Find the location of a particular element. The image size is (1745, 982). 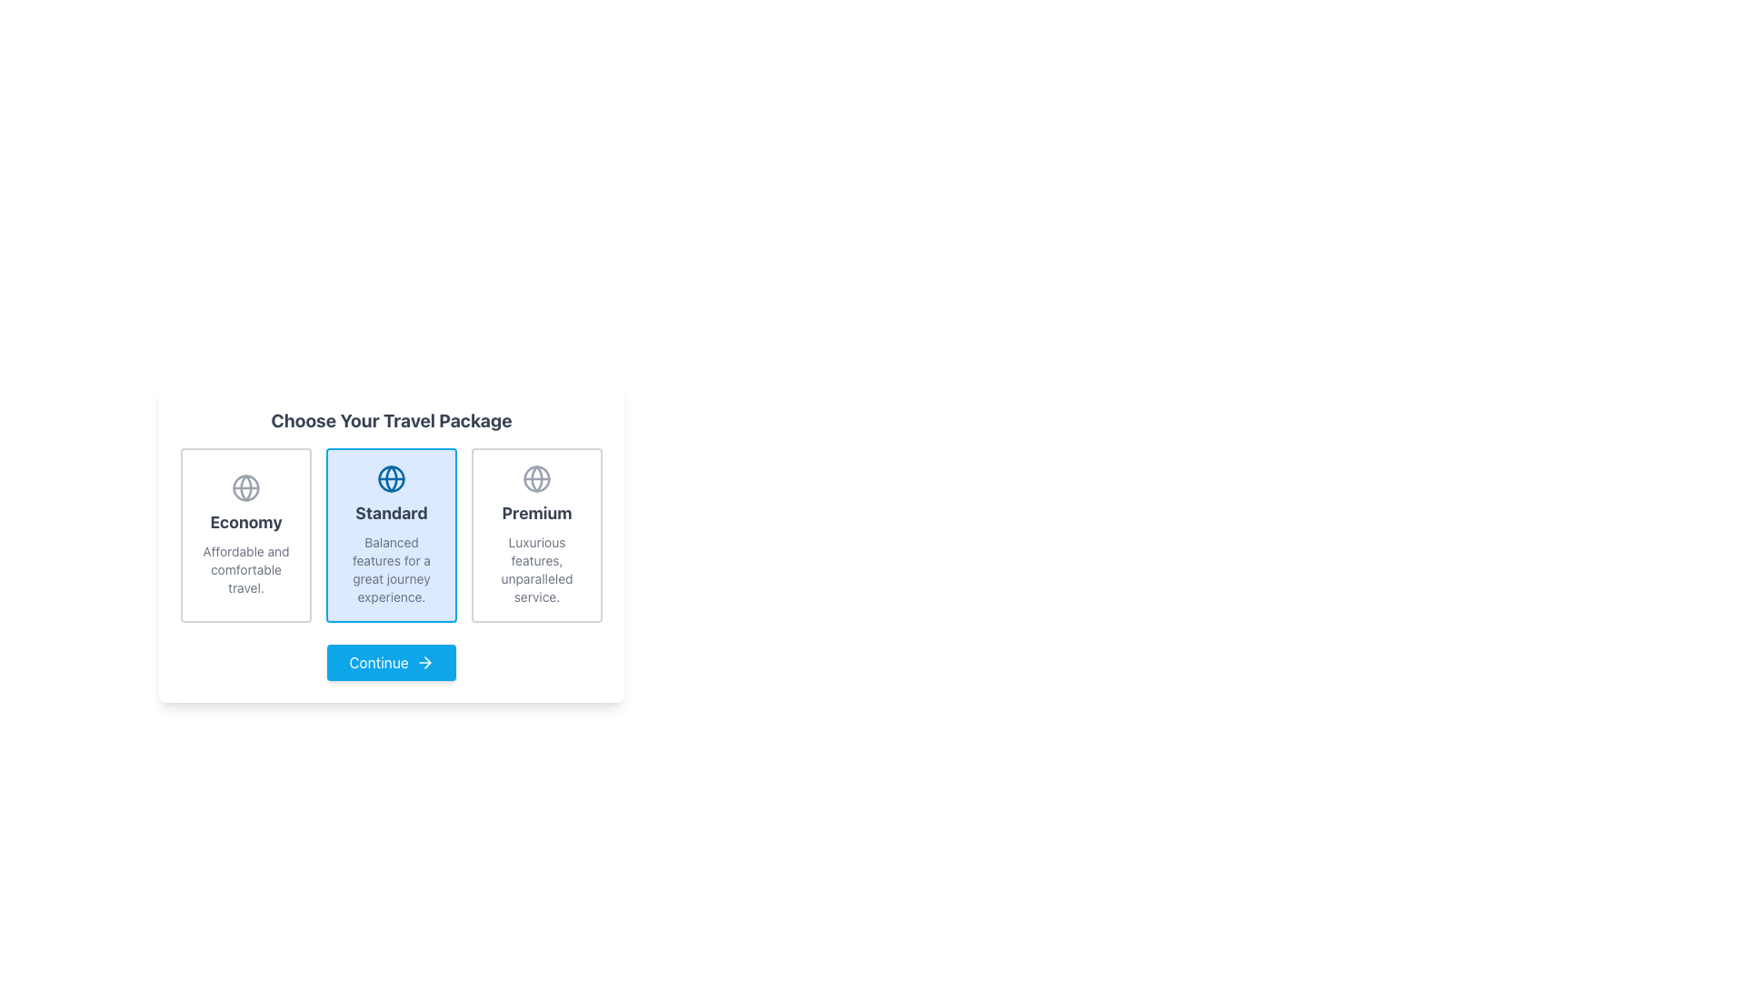

the right arrow icon next to the 'Continue' button is located at coordinates (426, 663).